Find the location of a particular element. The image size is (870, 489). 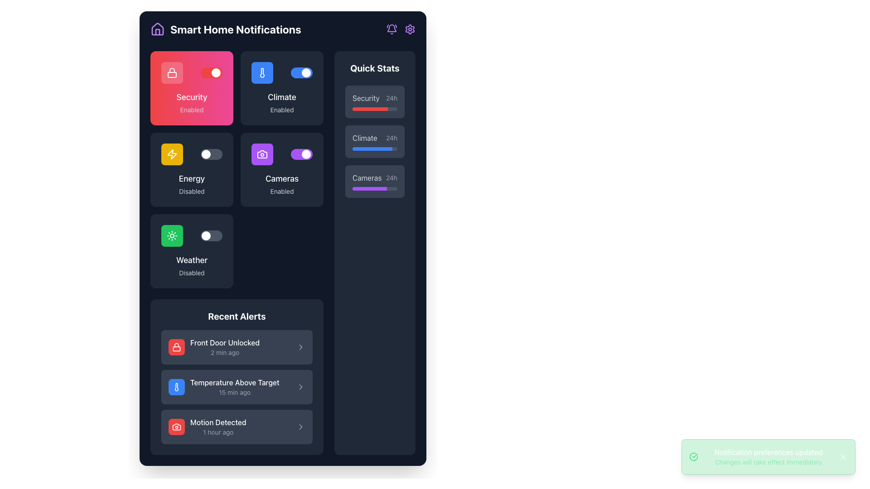

text label located in the 'Quick Stats' section, which provides context to the associated progress bar and time frame is located at coordinates (365, 138).